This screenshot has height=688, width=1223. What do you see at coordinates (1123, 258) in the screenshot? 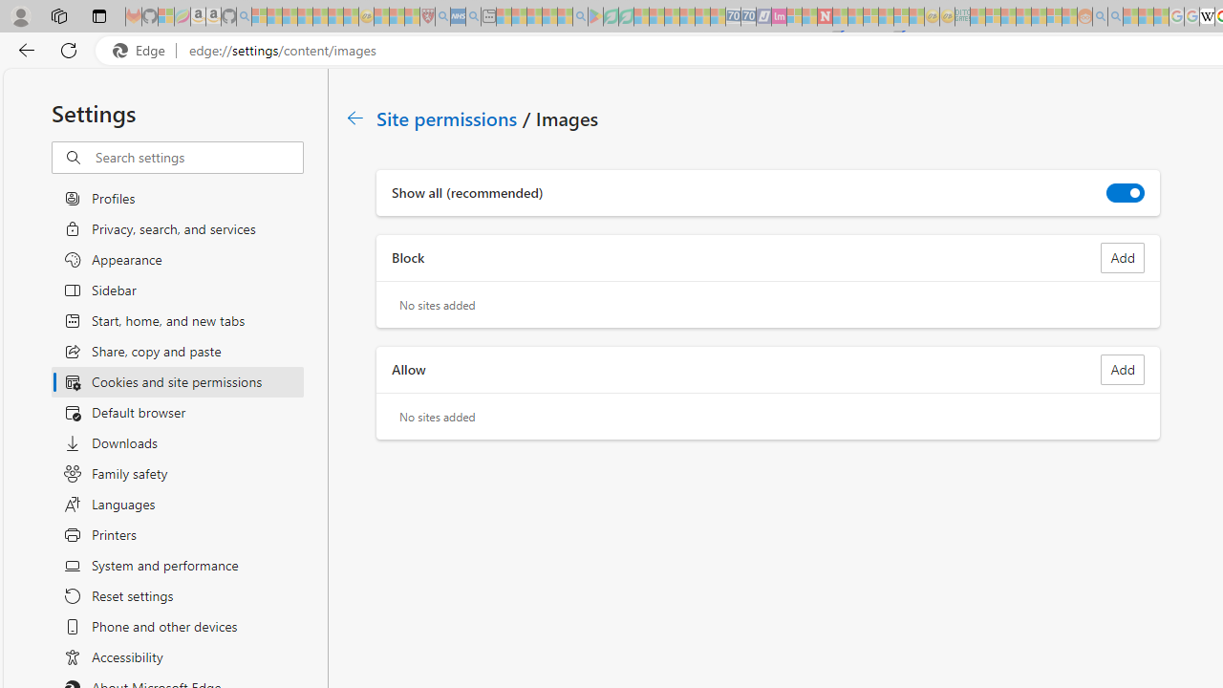
I see `'Add site to Block list'` at bounding box center [1123, 258].